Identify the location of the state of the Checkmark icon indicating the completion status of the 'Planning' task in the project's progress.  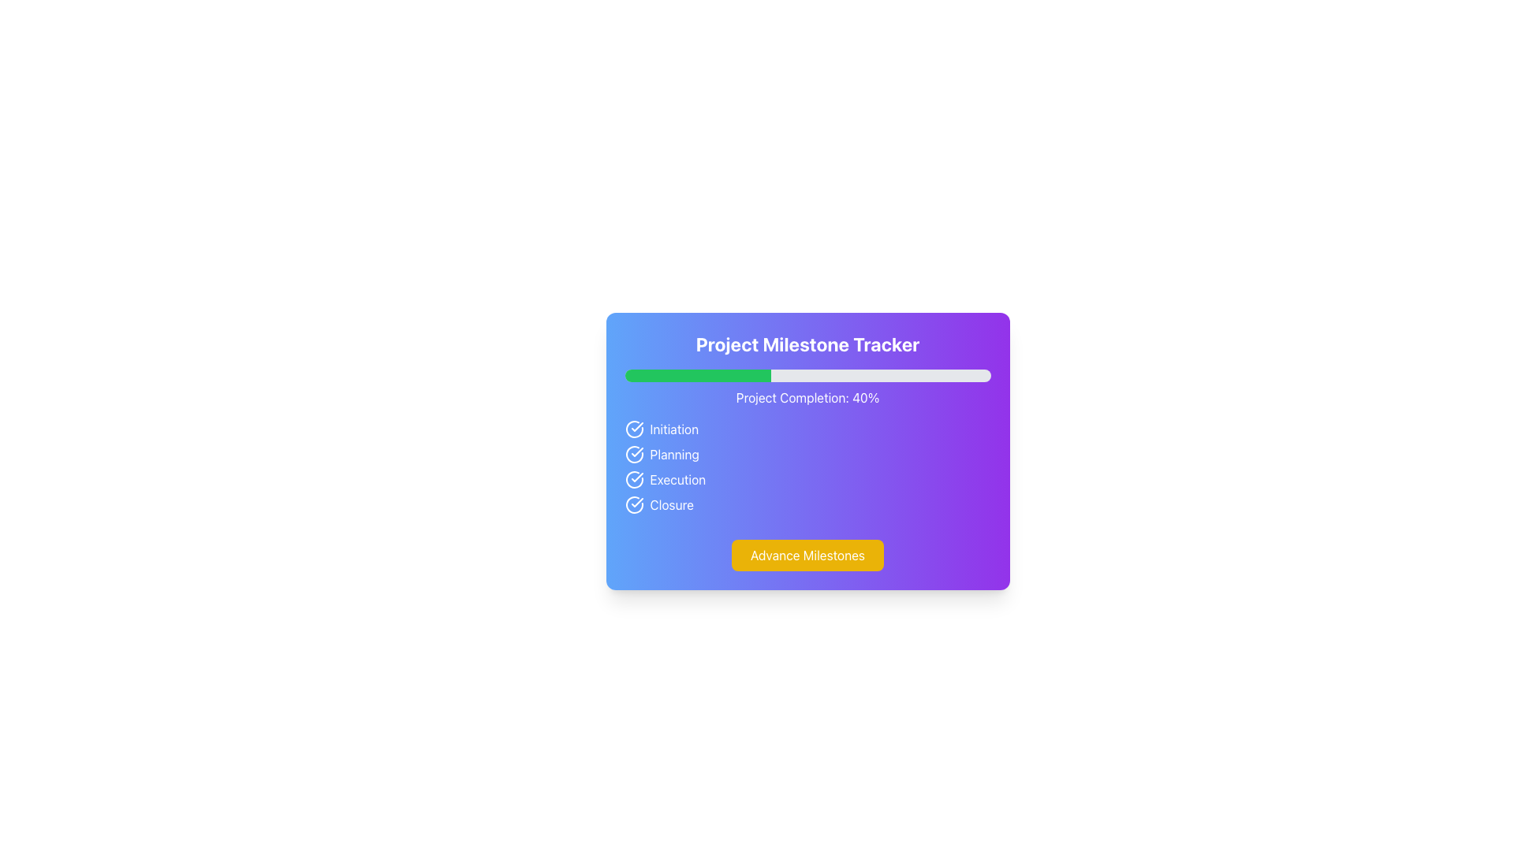
(637, 455).